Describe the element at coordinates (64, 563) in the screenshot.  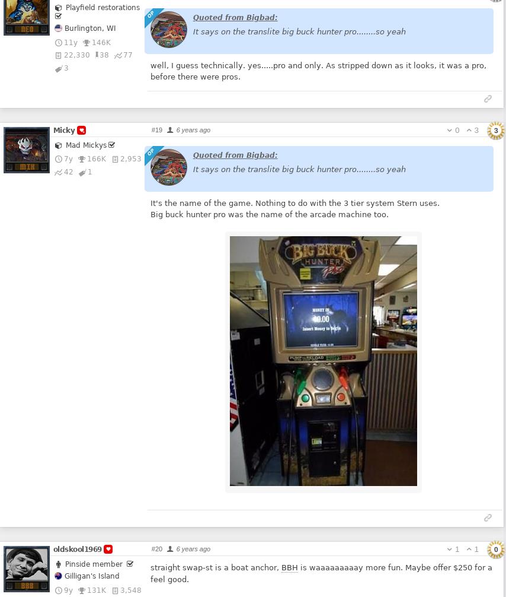
I see `'Pinside member'` at that location.